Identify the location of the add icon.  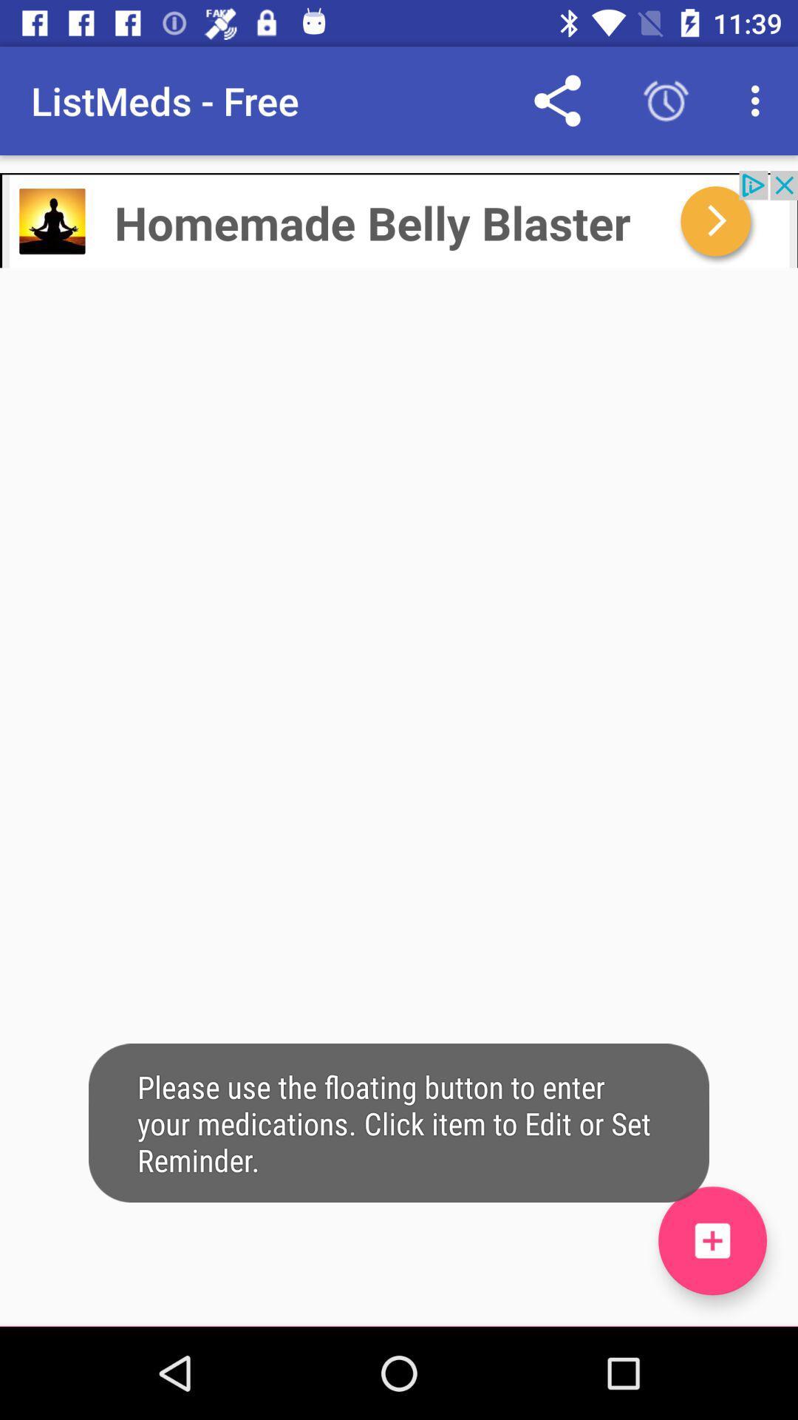
(712, 1241).